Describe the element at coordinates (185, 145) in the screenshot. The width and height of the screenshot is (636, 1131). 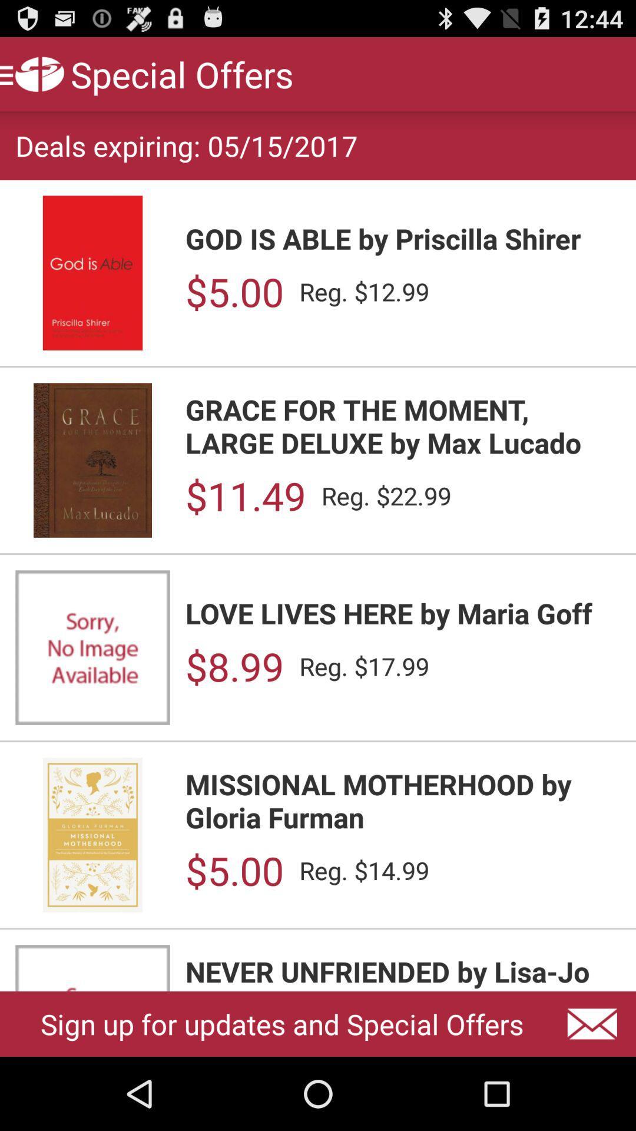
I see `deals expiring 05 app` at that location.